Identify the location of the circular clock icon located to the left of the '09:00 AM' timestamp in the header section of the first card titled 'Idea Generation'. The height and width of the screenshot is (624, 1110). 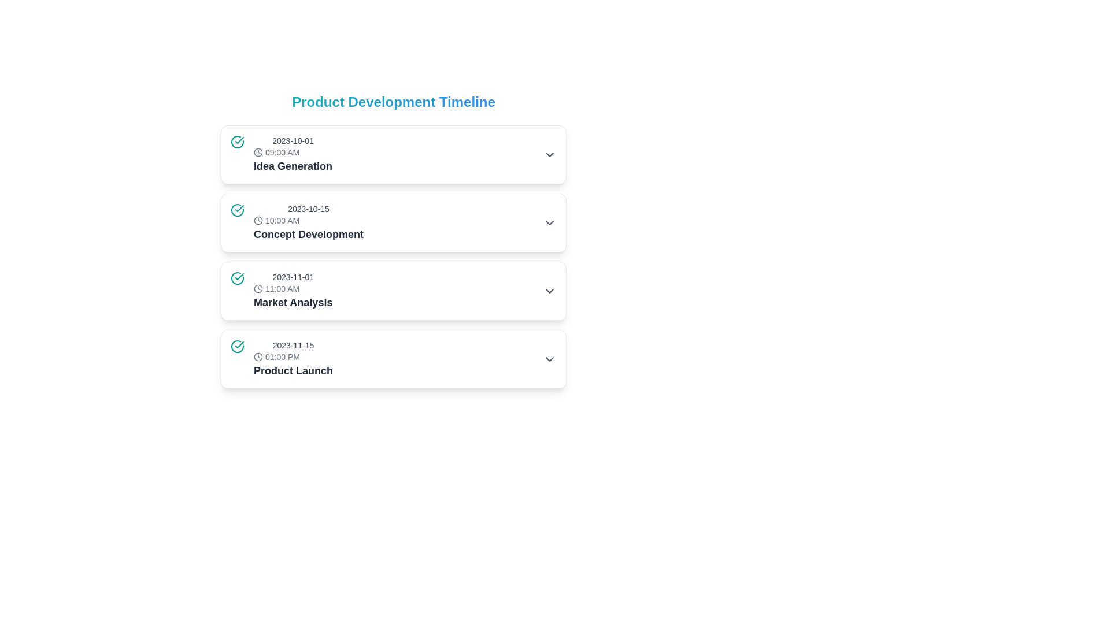
(257, 151).